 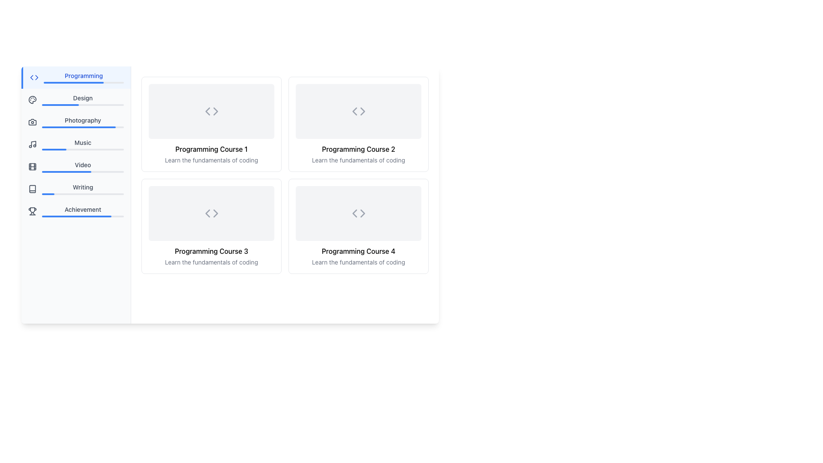 I want to click on the 'Video' section icon located on the left-hand sidebar, so click(x=33, y=167).